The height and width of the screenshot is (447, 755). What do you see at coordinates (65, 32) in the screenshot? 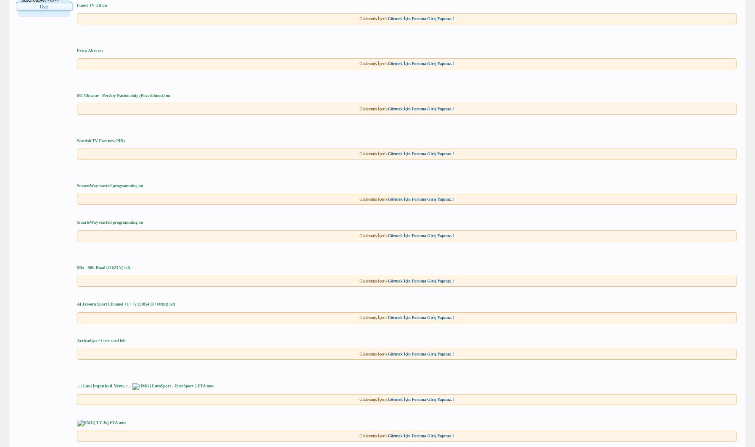
I see `'0'` at bounding box center [65, 32].